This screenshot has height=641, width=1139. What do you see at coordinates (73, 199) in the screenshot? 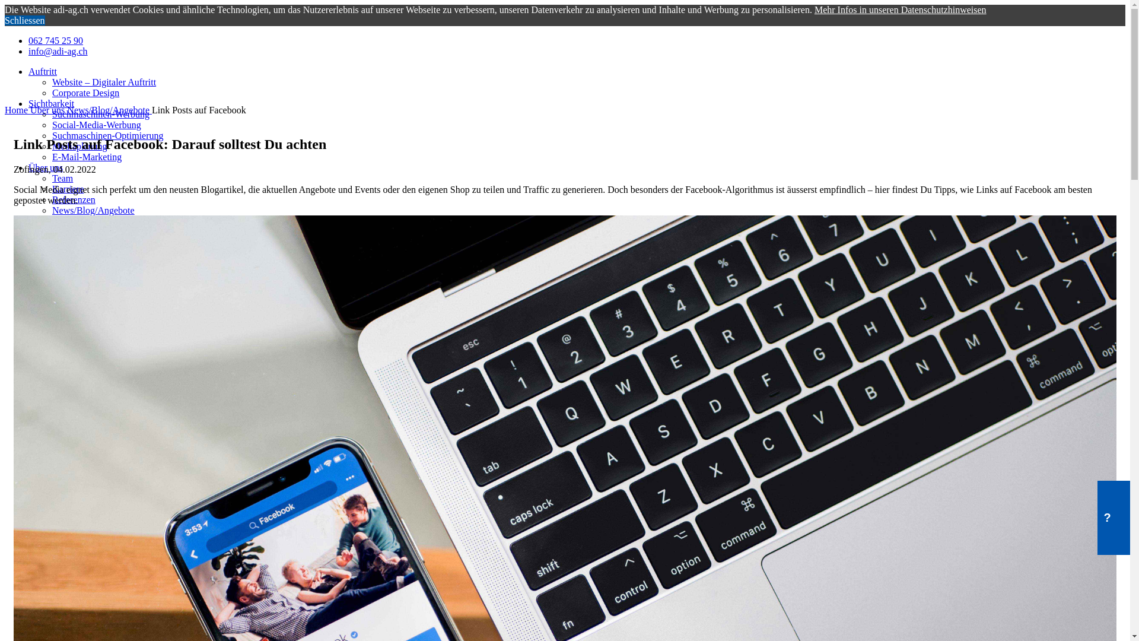
I see `'Referenzen'` at bounding box center [73, 199].